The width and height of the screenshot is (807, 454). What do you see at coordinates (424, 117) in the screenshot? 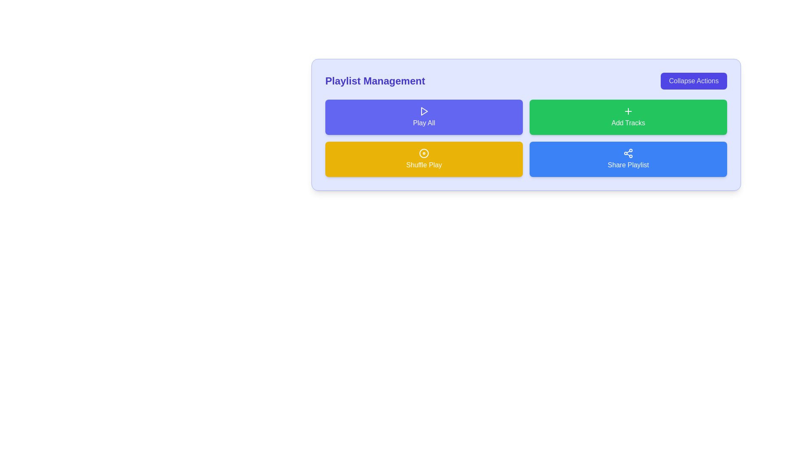
I see `the 'Play All' button` at bounding box center [424, 117].